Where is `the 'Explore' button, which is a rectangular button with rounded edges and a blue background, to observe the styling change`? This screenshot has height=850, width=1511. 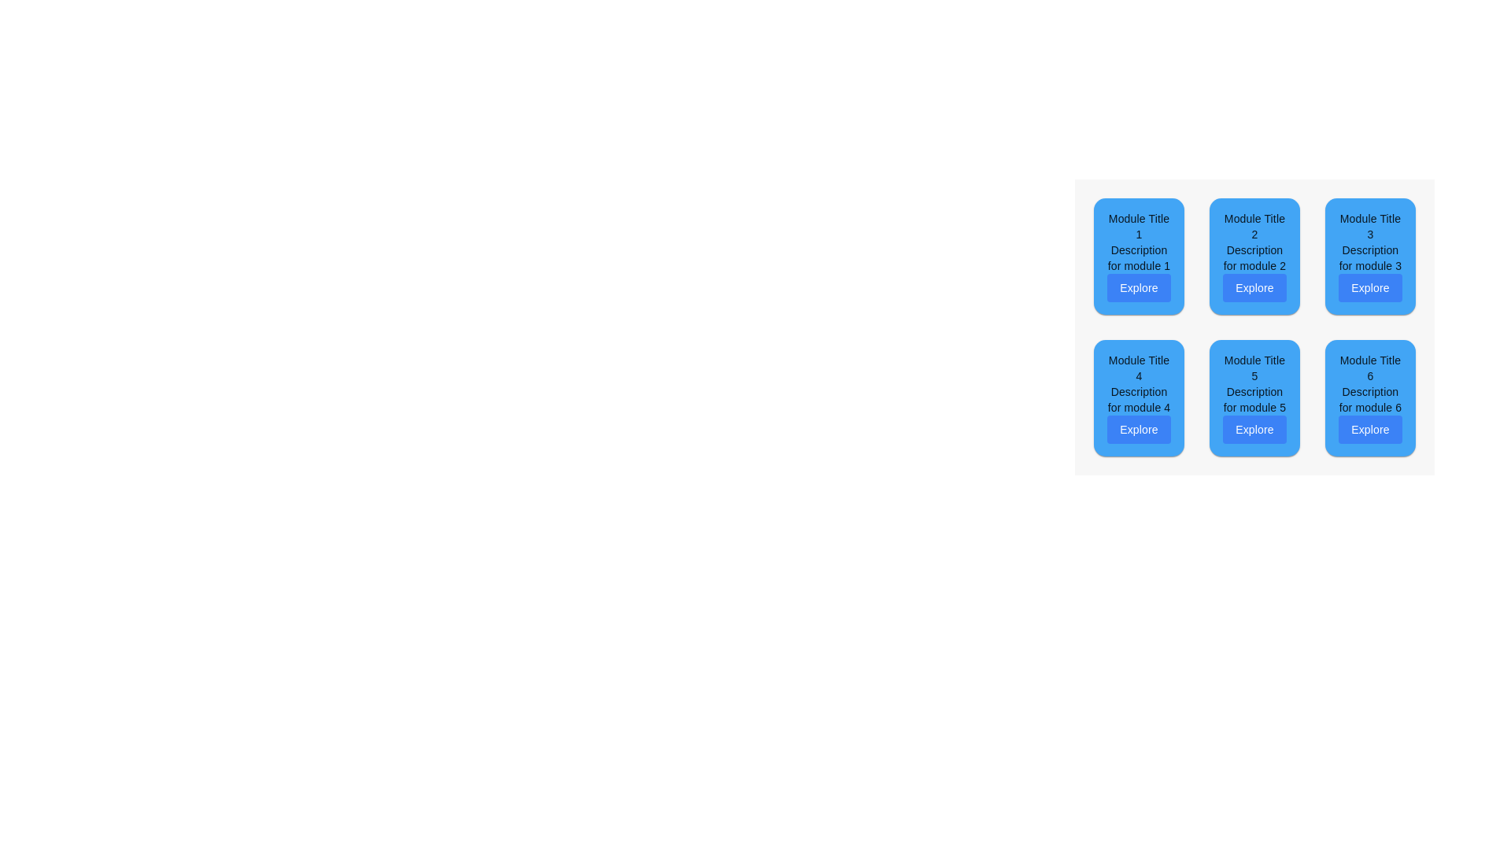
the 'Explore' button, which is a rectangular button with rounded edges and a blue background, to observe the styling change is located at coordinates (1139, 430).